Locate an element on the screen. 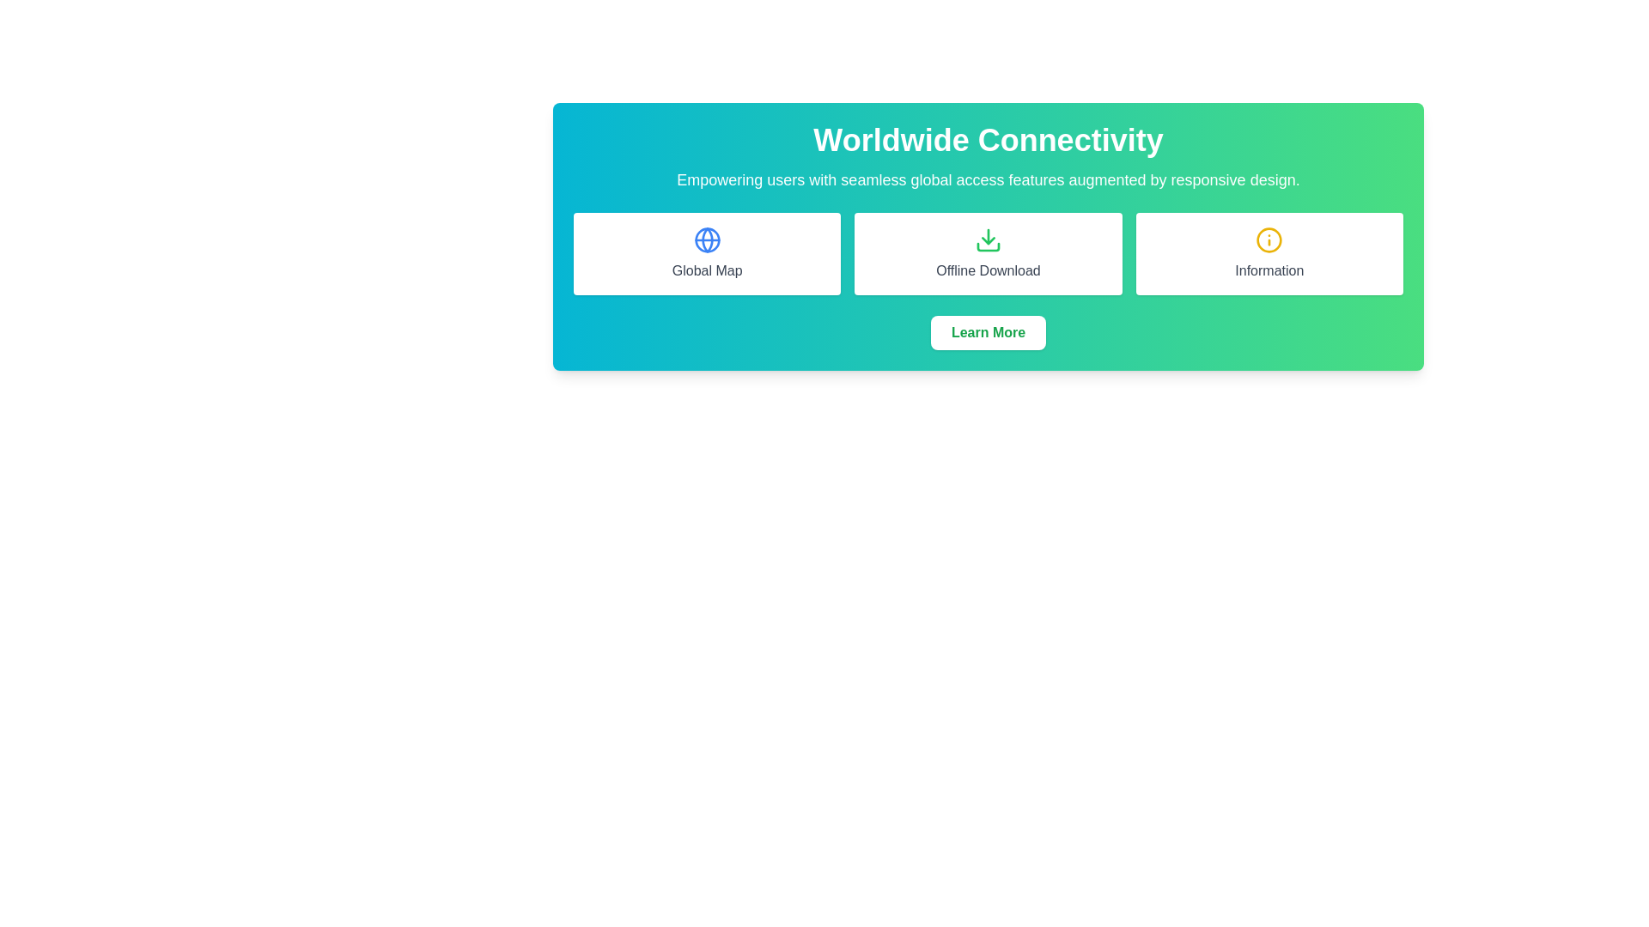 The height and width of the screenshot is (927, 1649). the 'Offline Download' icon located in the middle card of the horizontally-aligned trio of cards in the teal section is located at coordinates (989, 240).